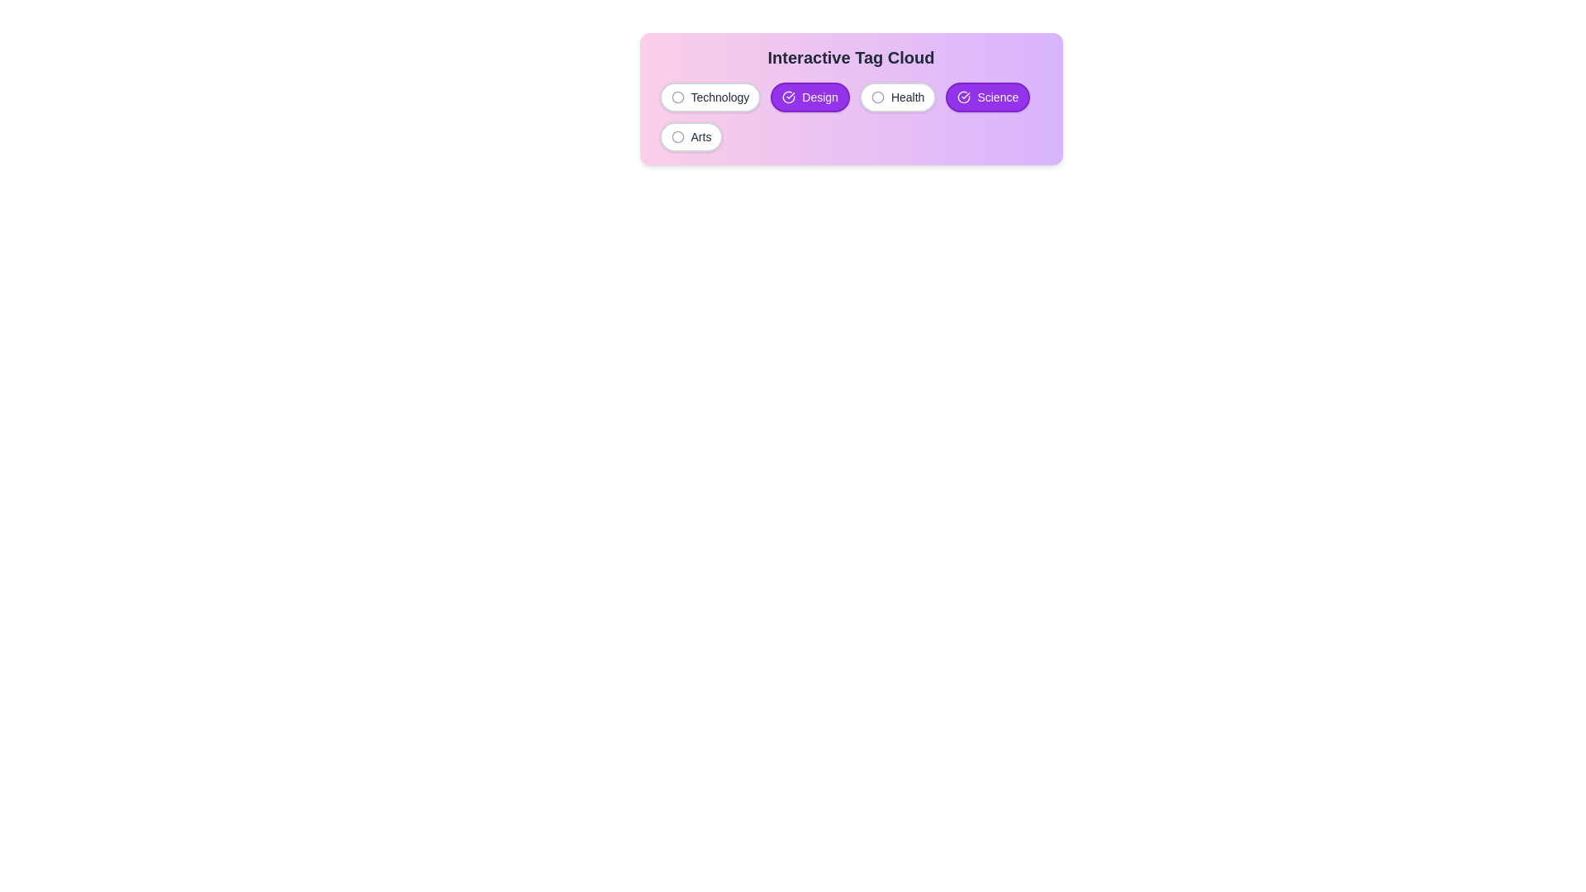  I want to click on the tag labeled Technology to observe its hover effect, so click(710, 97).